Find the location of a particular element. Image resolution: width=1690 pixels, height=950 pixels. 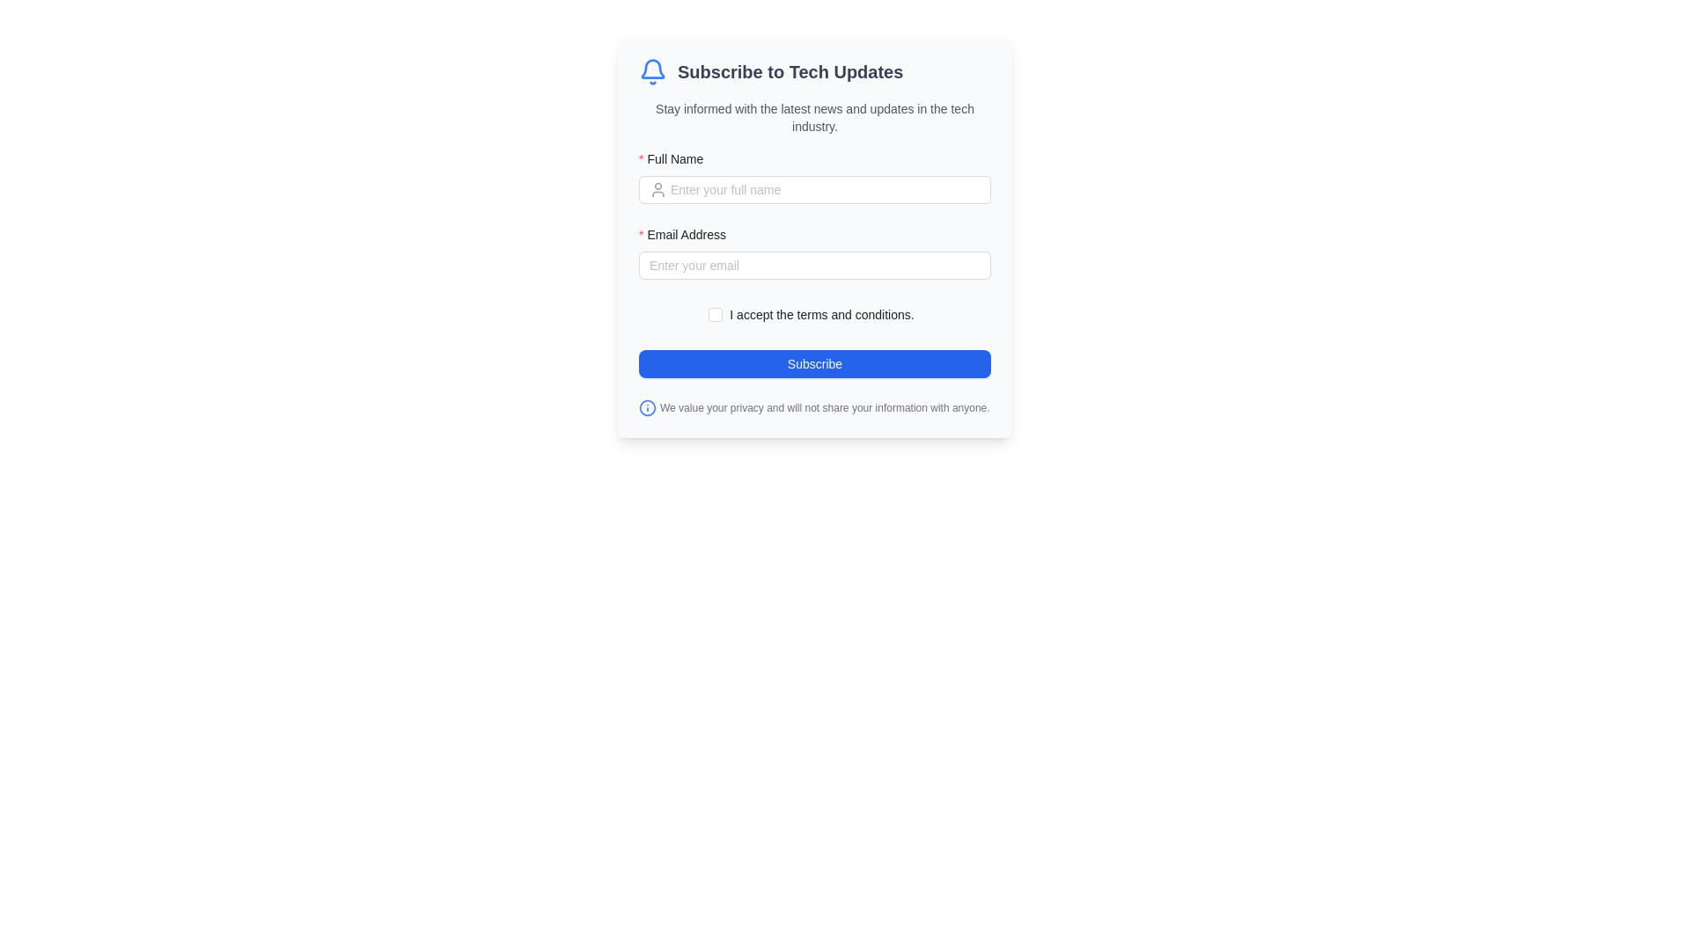

the 'Subscribe' button with a dark blue background and white text is located at coordinates (814, 362).